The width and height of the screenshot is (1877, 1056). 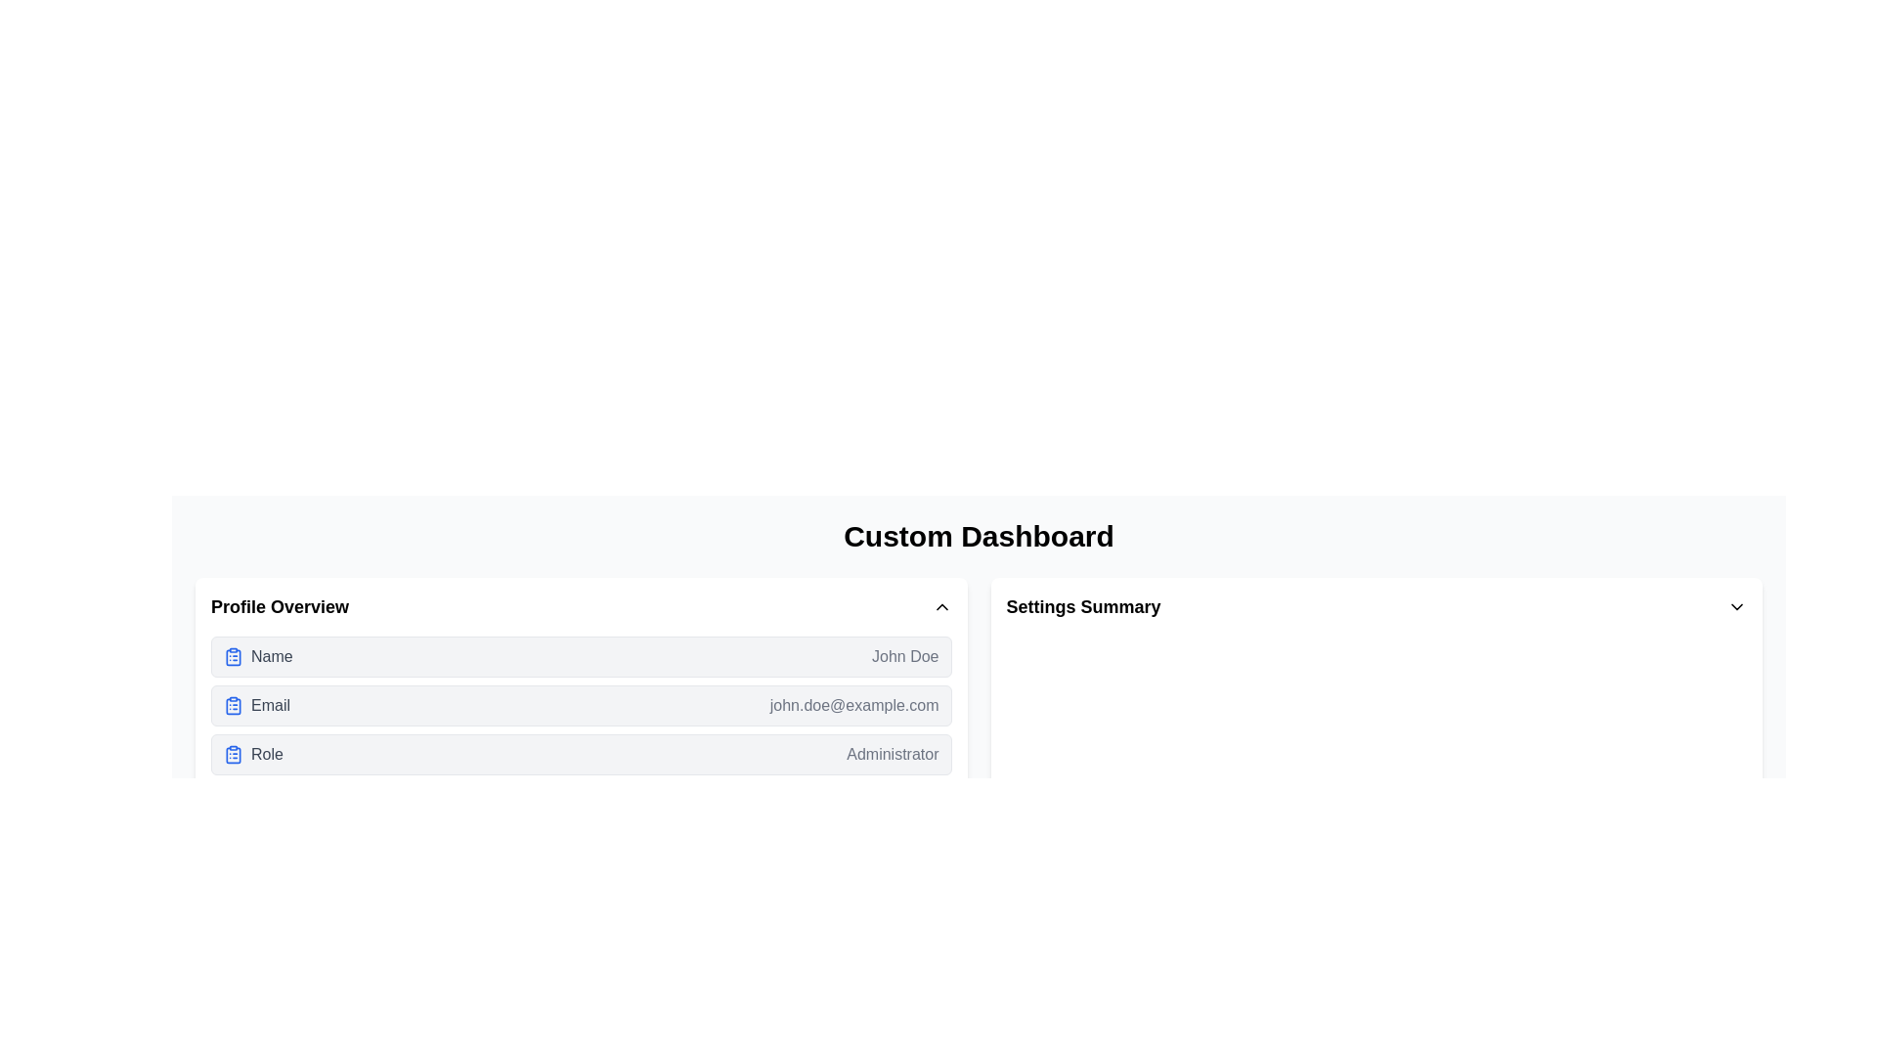 What do you see at coordinates (270, 705) in the screenshot?
I see `the Text label indicating the email address field located in the second row of the 'Profile Overview' section, which is positioned between the 'Name' and 'Role' rows` at bounding box center [270, 705].